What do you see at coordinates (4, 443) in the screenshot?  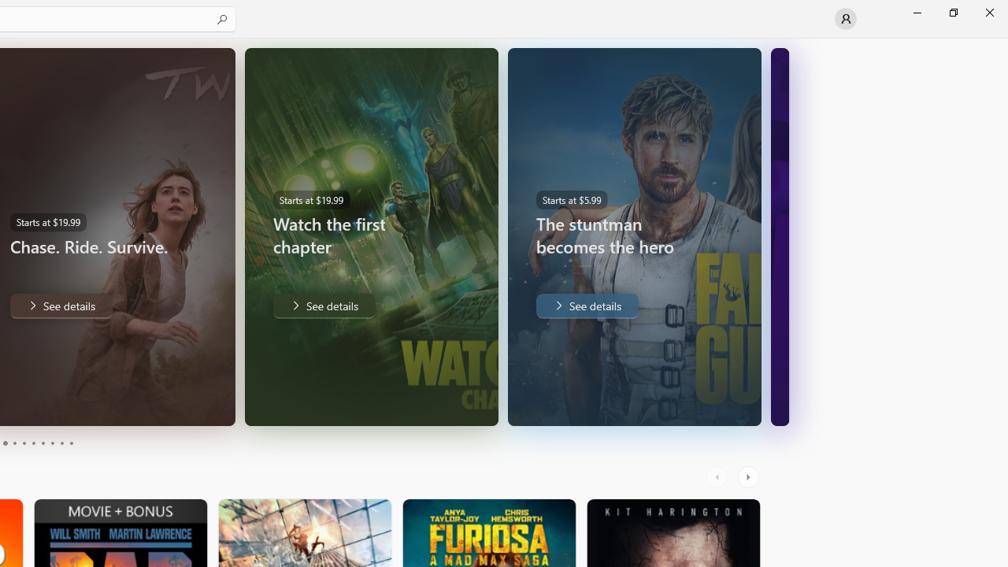 I see `'Page 3'` at bounding box center [4, 443].